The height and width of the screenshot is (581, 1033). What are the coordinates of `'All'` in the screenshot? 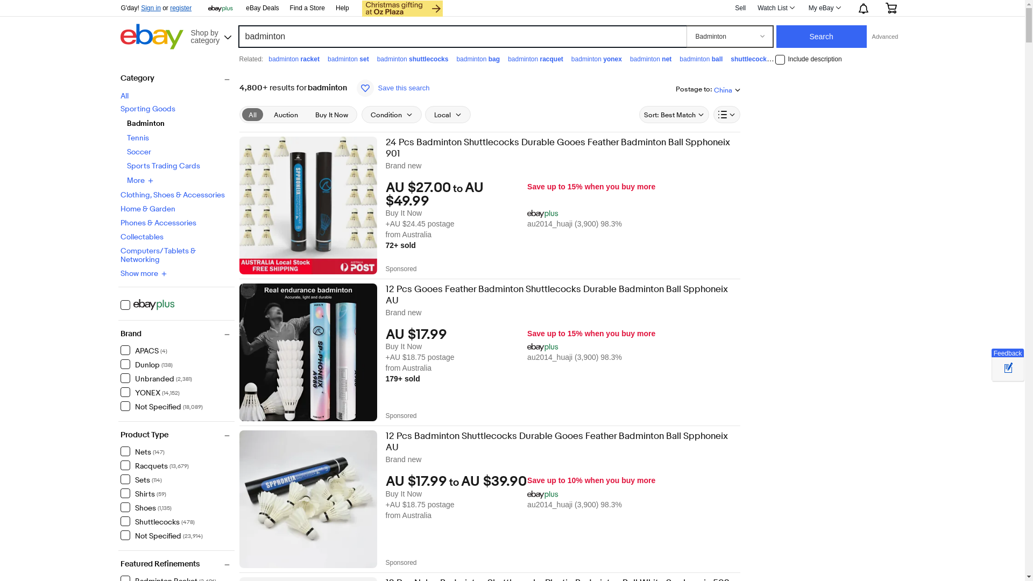 It's located at (121, 95).